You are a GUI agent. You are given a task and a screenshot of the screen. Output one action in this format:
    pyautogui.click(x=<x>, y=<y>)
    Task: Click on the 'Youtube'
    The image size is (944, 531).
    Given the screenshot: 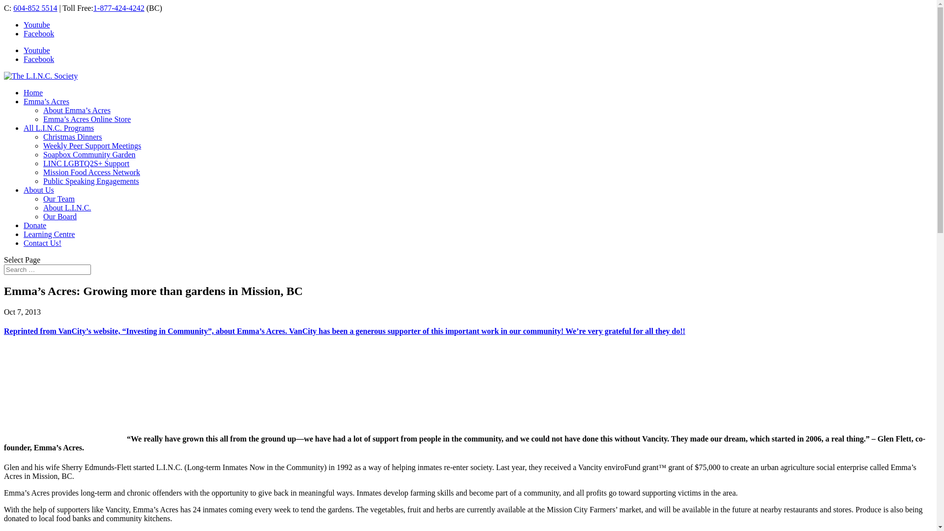 What is the action you would take?
    pyautogui.click(x=37, y=24)
    